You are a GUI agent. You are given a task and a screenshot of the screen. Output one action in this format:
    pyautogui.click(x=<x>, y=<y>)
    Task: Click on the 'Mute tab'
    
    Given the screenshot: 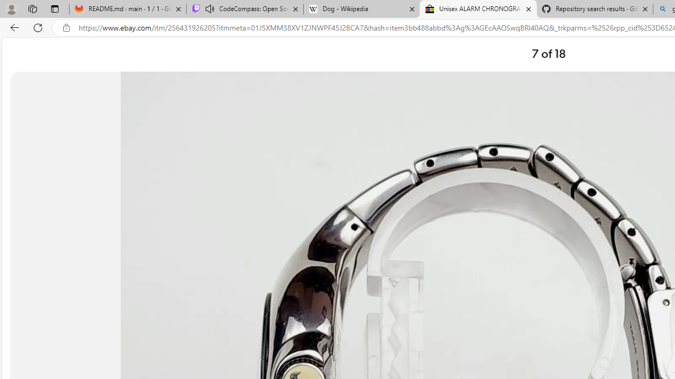 What is the action you would take?
    pyautogui.click(x=210, y=8)
    